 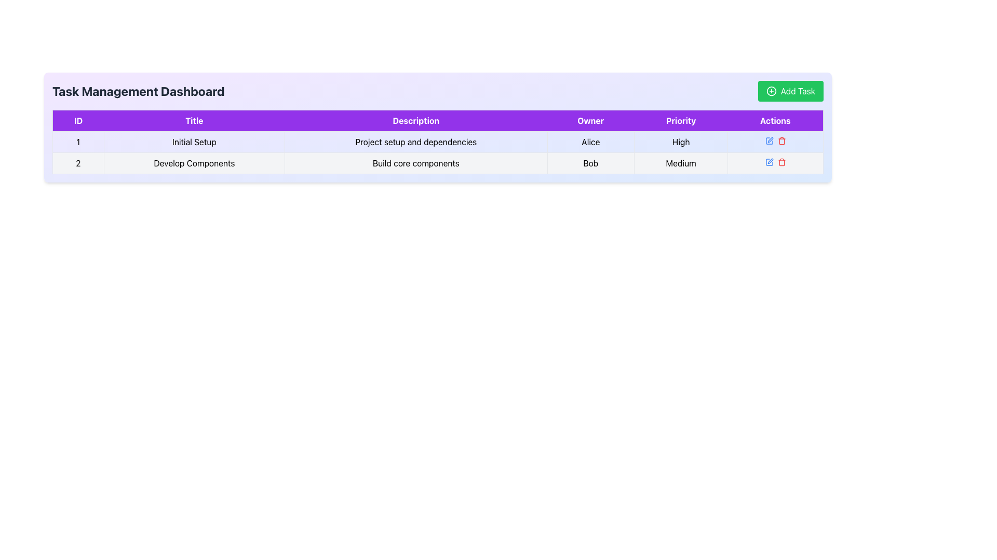 What do you see at coordinates (769, 141) in the screenshot?
I see `the blue pen icon button in the Actions column of the second row` at bounding box center [769, 141].